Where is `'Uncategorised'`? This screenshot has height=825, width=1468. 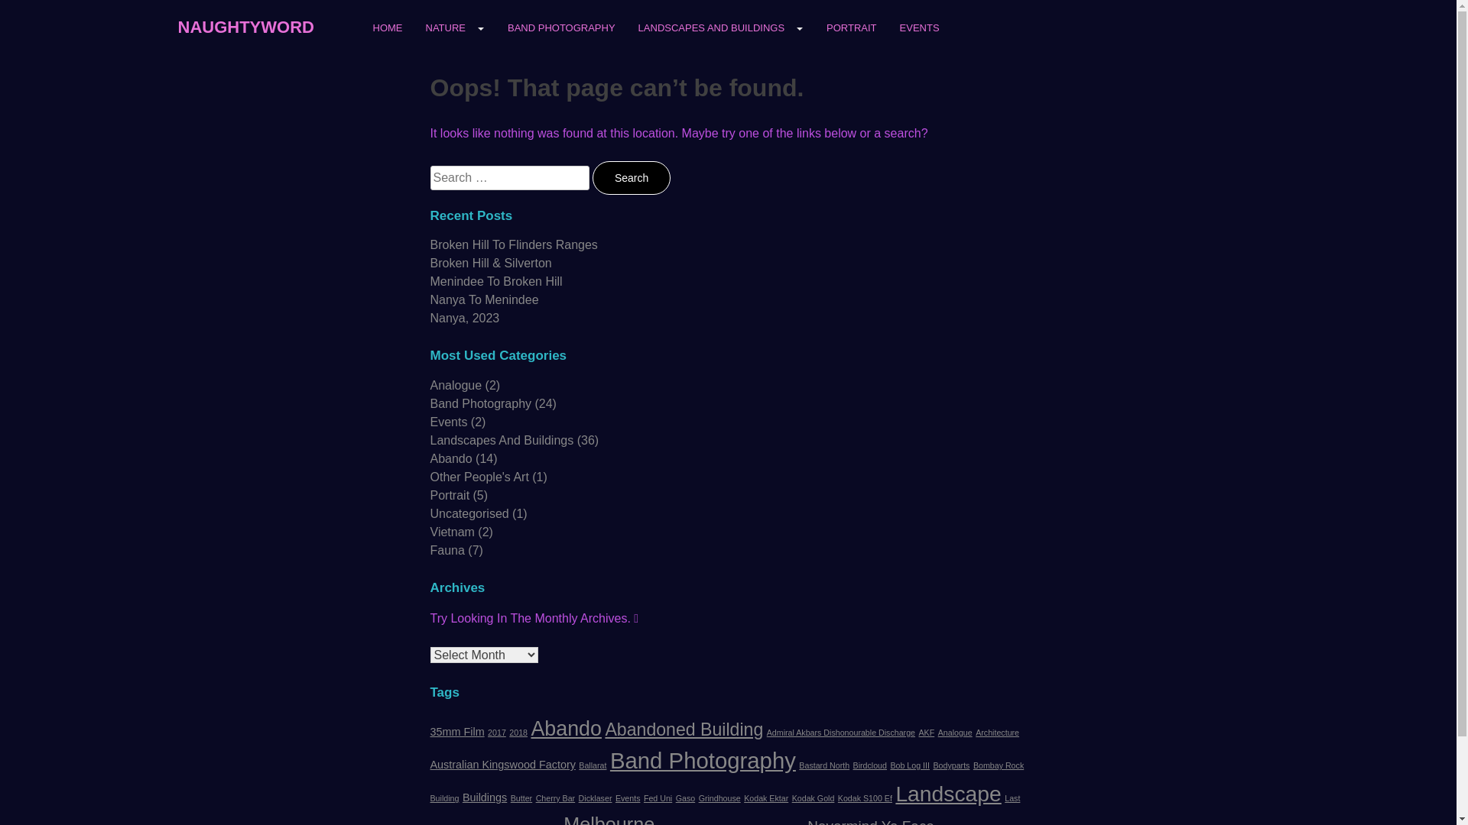 'Uncategorised' is located at coordinates (468, 513).